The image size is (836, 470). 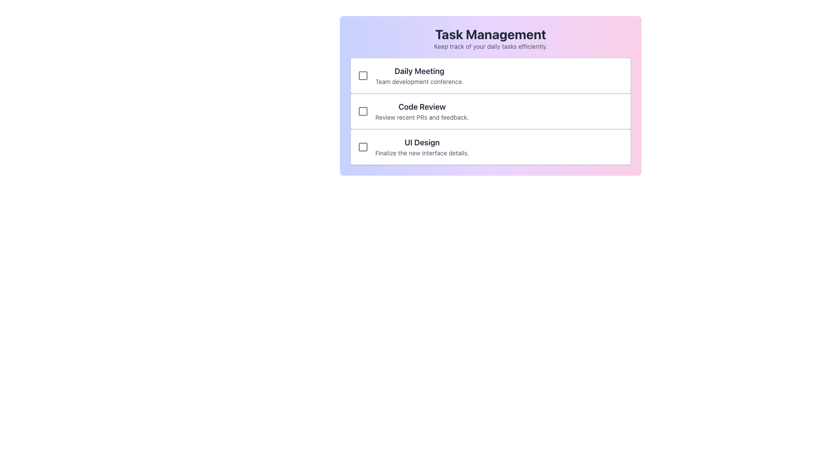 I want to click on the task labeled 'UI Design' with the description 'Finalize the new interface details' in the task management interface, so click(x=422, y=147).